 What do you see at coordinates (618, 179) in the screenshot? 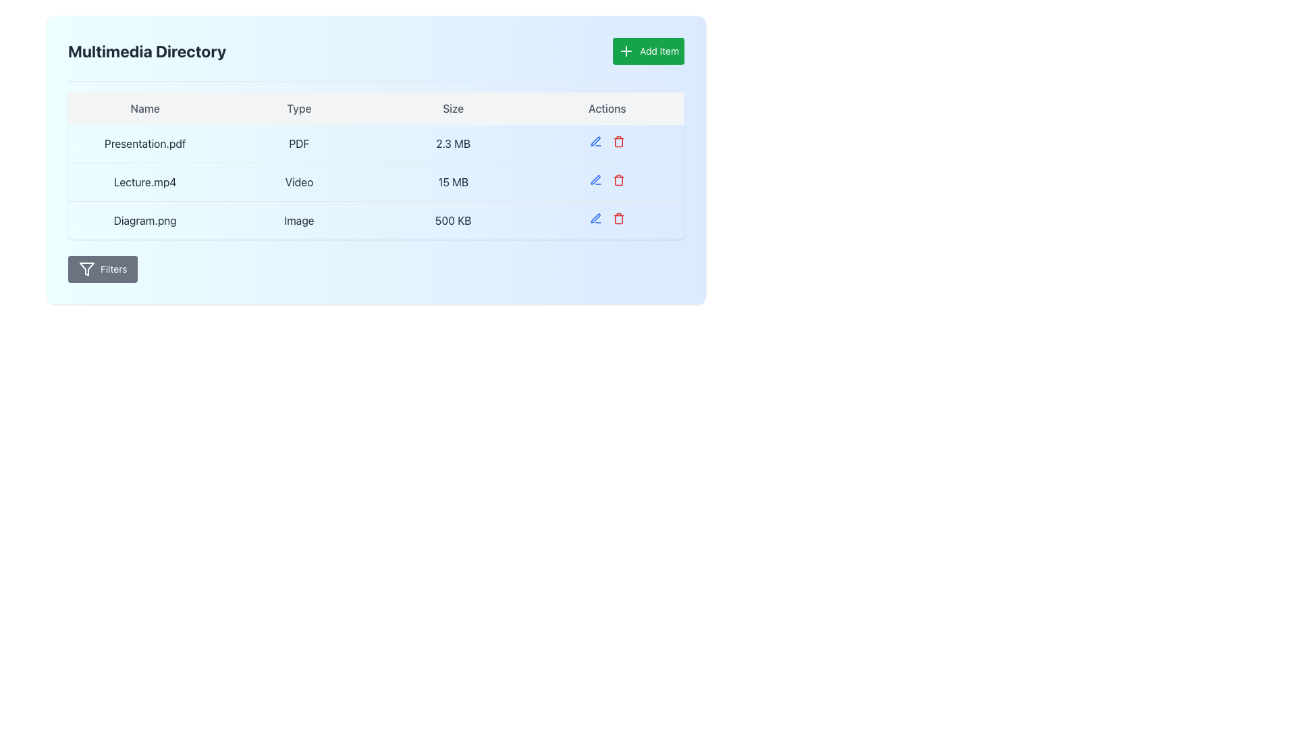
I see `the delete button located in the third row under the 'Actions' column of the displayed table` at bounding box center [618, 179].